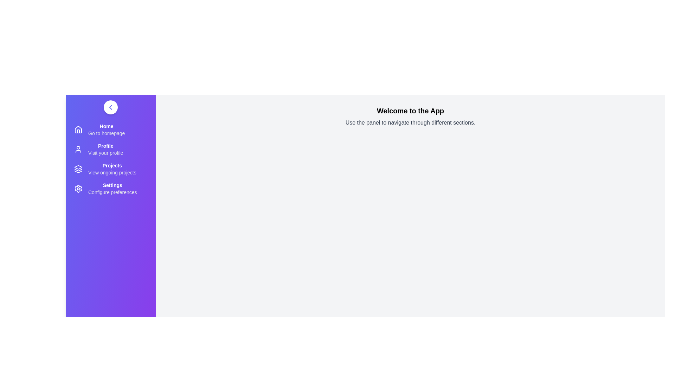 This screenshot has width=675, height=379. I want to click on the 'Settings' menu item to configure preferences, so click(110, 188).